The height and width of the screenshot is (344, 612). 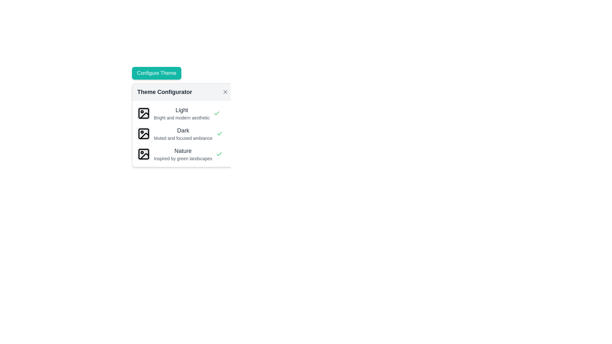 What do you see at coordinates (183, 151) in the screenshot?
I see `the 'Nature' text label in the 'Theme Configurator' panel, which displays the title in large, bold, dark gray font, aligned to the left` at bounding box center [183, 151].